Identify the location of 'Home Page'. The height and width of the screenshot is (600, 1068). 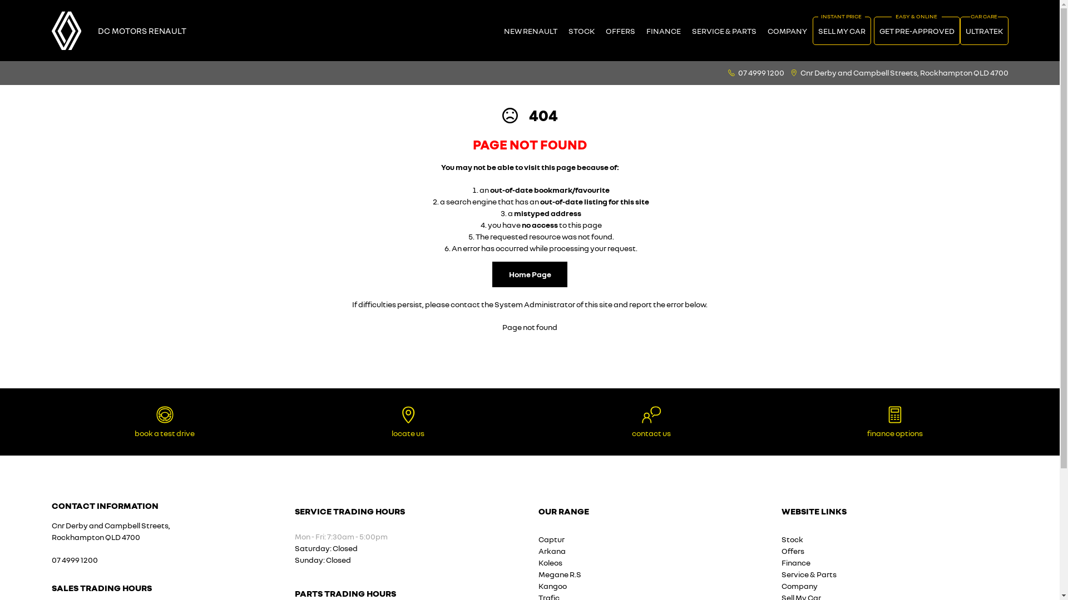
(529, 274).